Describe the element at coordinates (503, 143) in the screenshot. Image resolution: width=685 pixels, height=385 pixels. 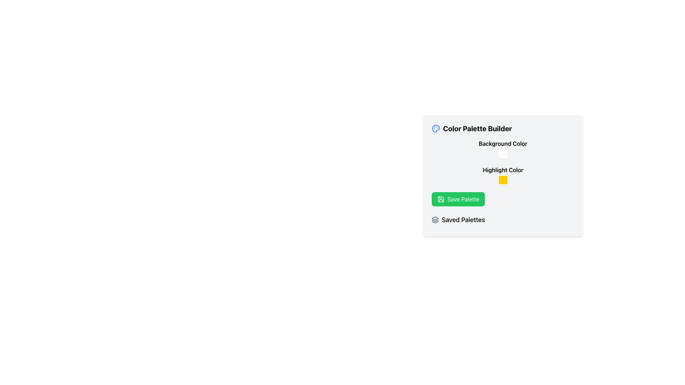
I see `the 'Background Color' text label, which is displayed in a bold font and is larger than surrounding text, located within a light gray section of the color palette builder tool` at that location.